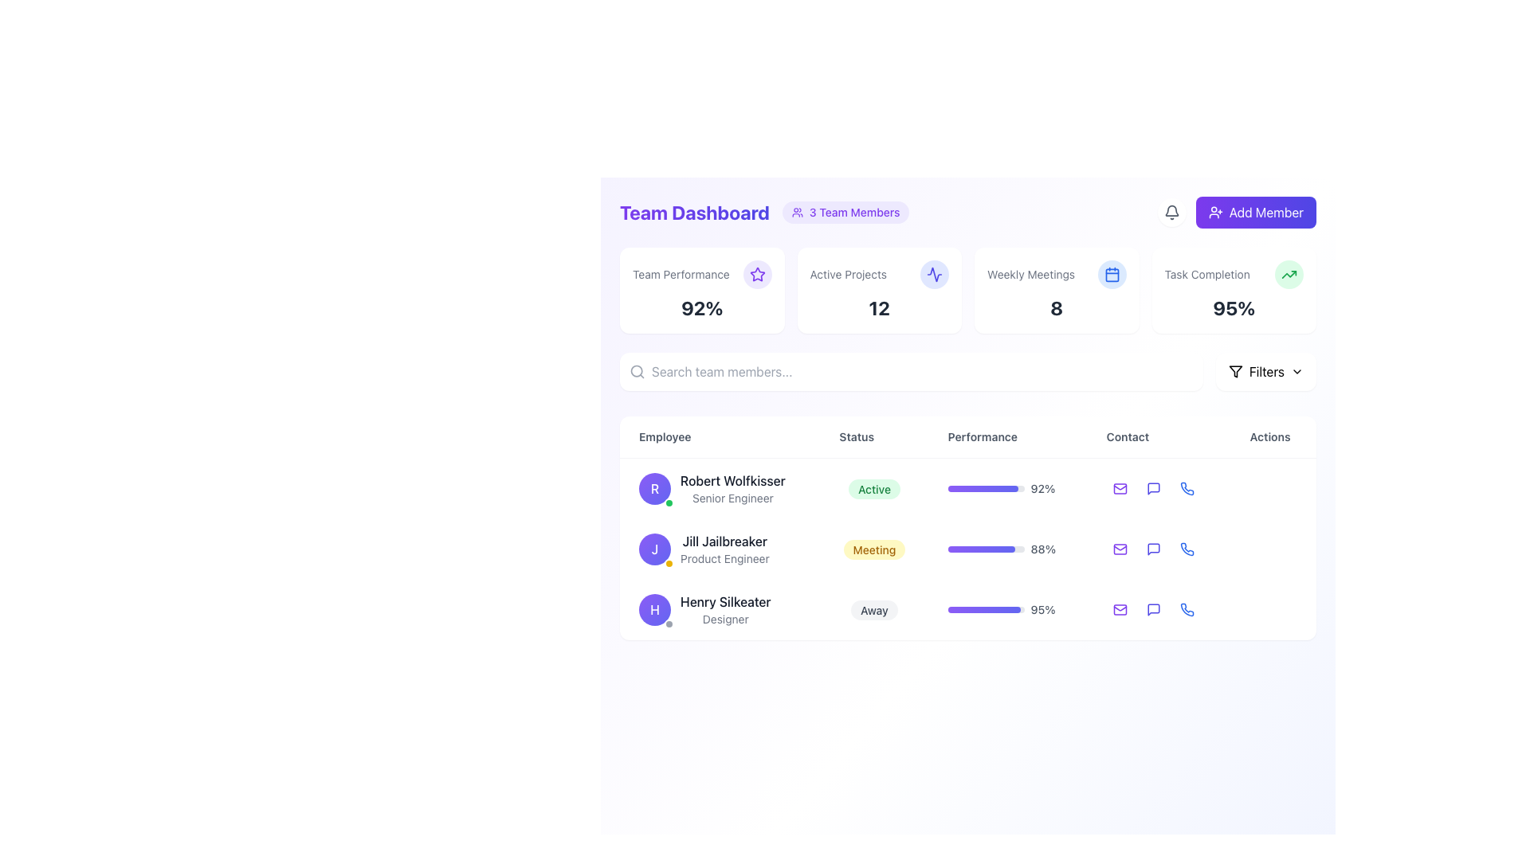  What do you see at coordinates (1153, 487) in the screenshot?
I see `the messaging icon located in the 'Contact' column next to the user 'Robert Wolfkisser'` at bounding box center [1153, 487].